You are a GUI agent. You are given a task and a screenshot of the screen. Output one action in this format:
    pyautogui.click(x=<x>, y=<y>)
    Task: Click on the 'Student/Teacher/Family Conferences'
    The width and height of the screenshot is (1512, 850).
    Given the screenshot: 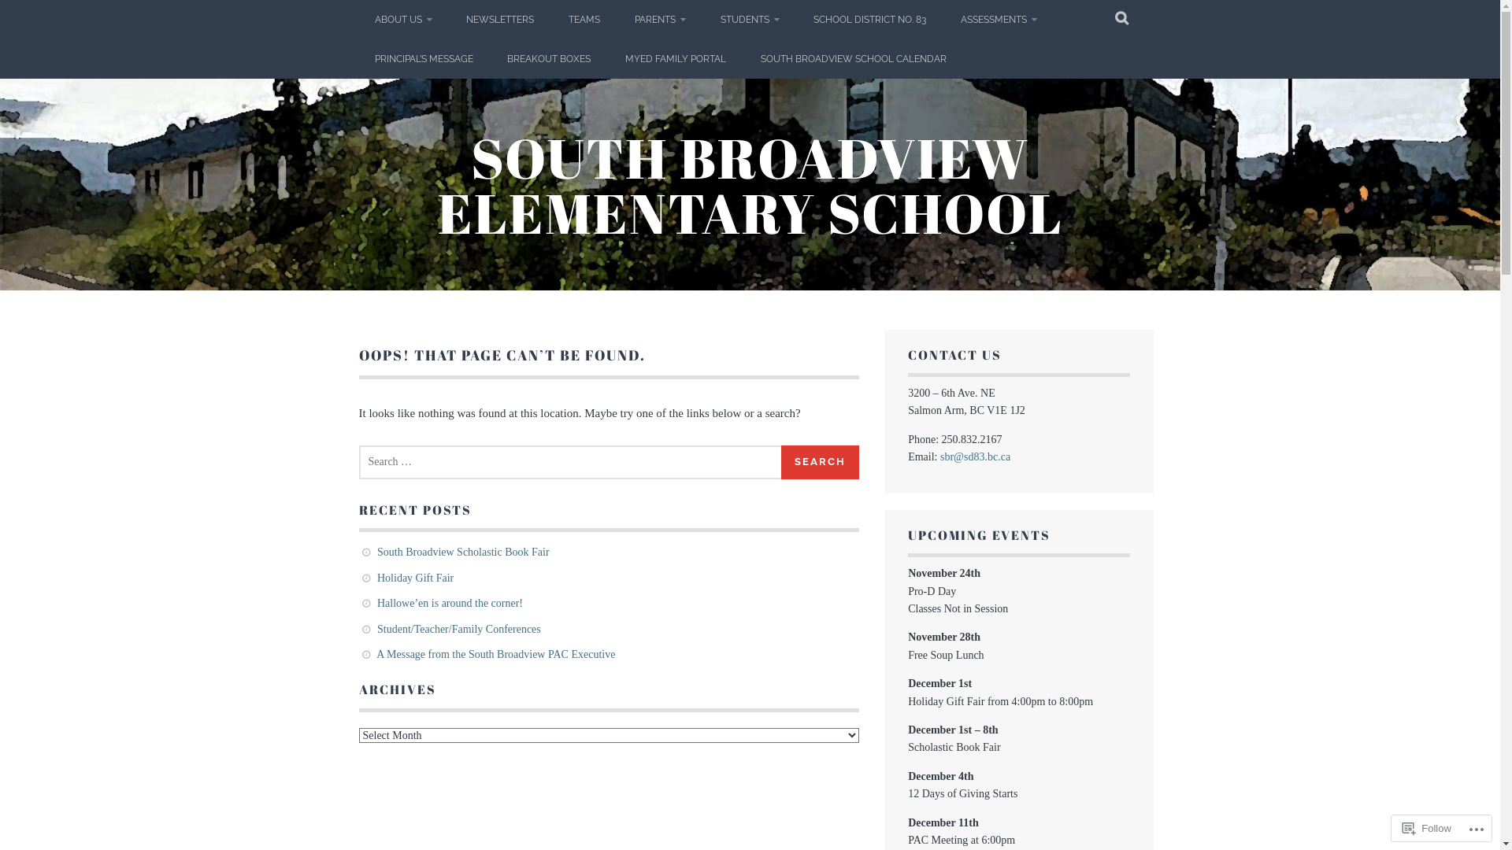 What is the action you would take?
    pyautogui.click(x=376, y=628)
    